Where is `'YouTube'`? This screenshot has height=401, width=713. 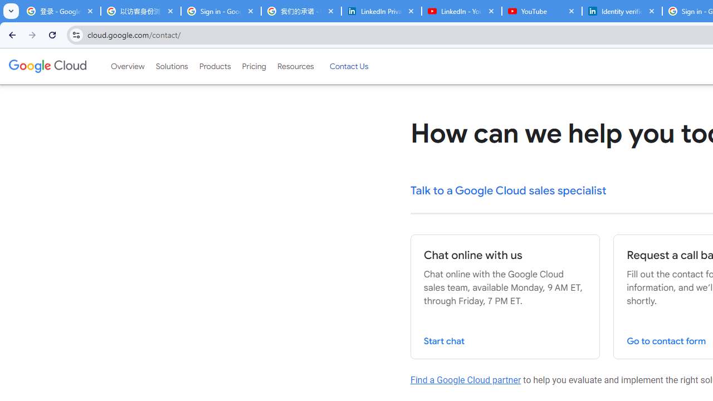
'YouTube' is located at coordinates (541, 11).